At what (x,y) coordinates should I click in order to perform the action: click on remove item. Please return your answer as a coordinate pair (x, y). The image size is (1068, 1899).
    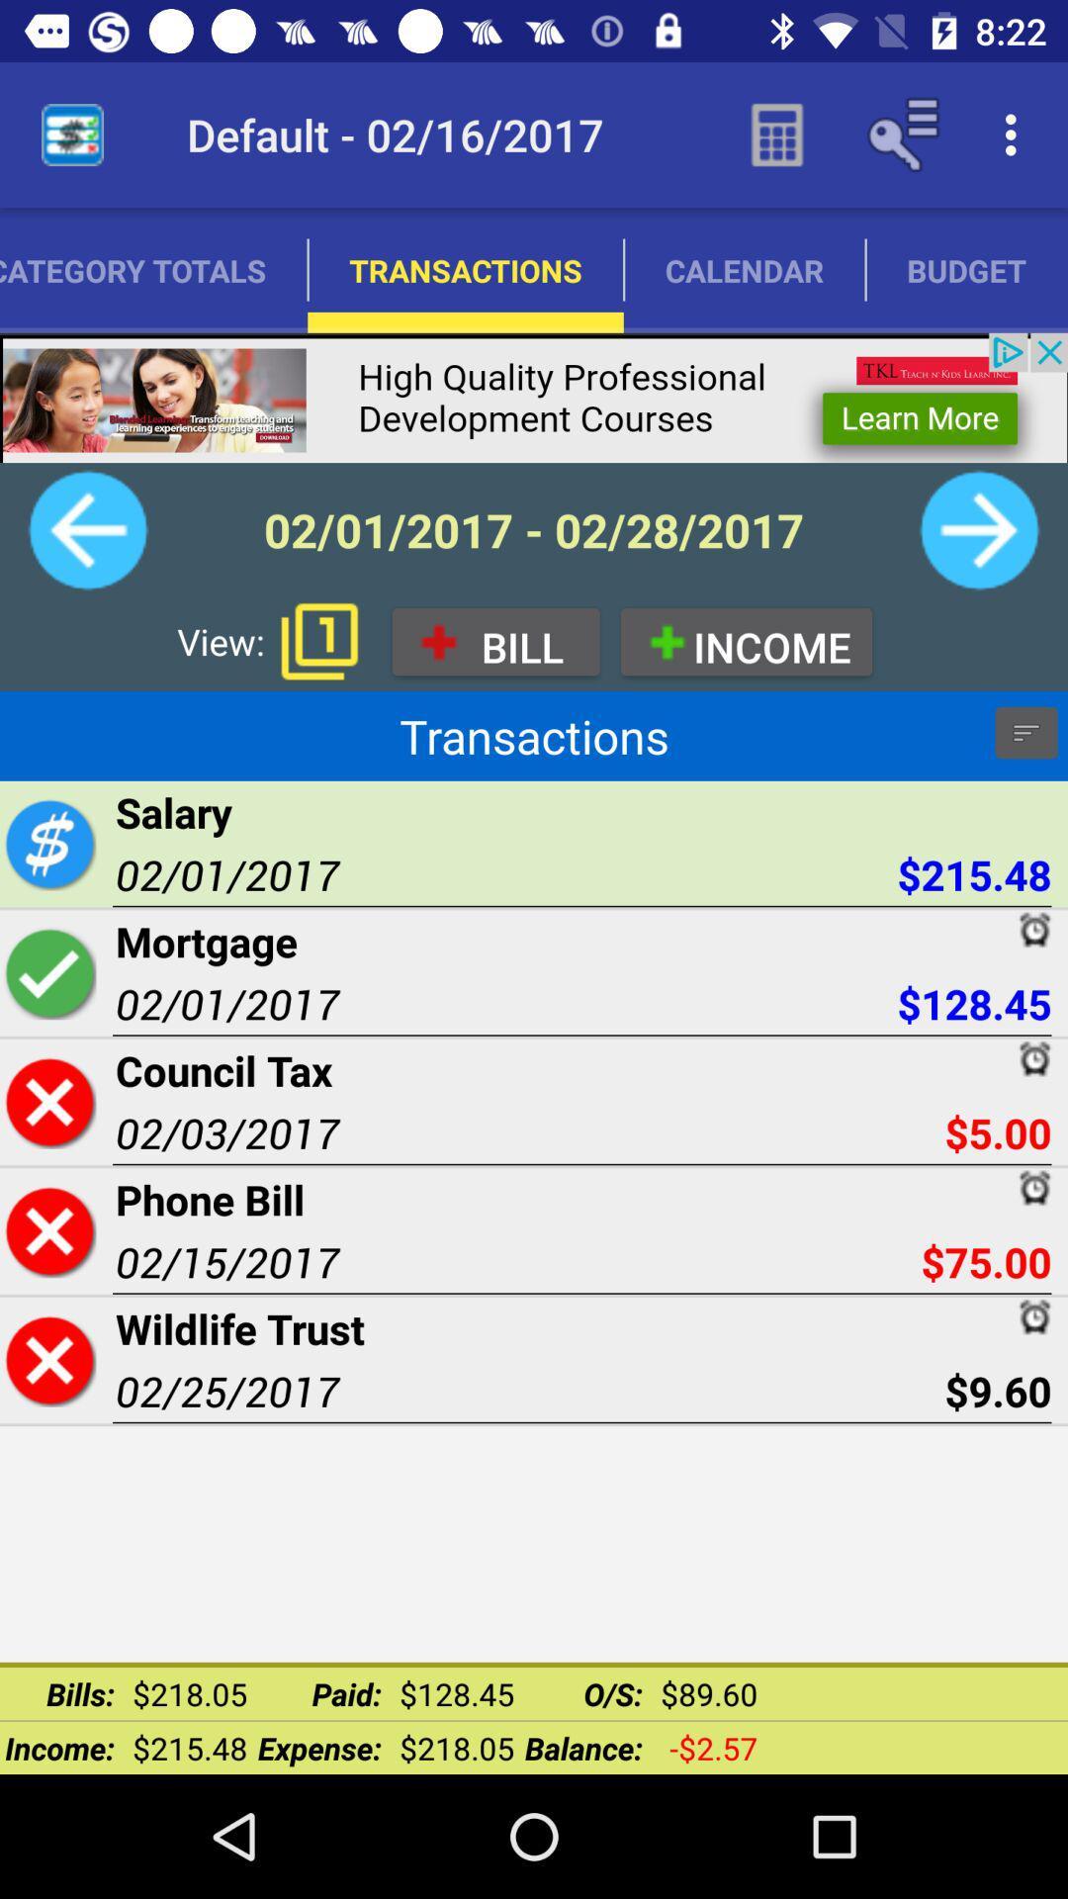
    Looking at the image, I should click on (48, 1229).